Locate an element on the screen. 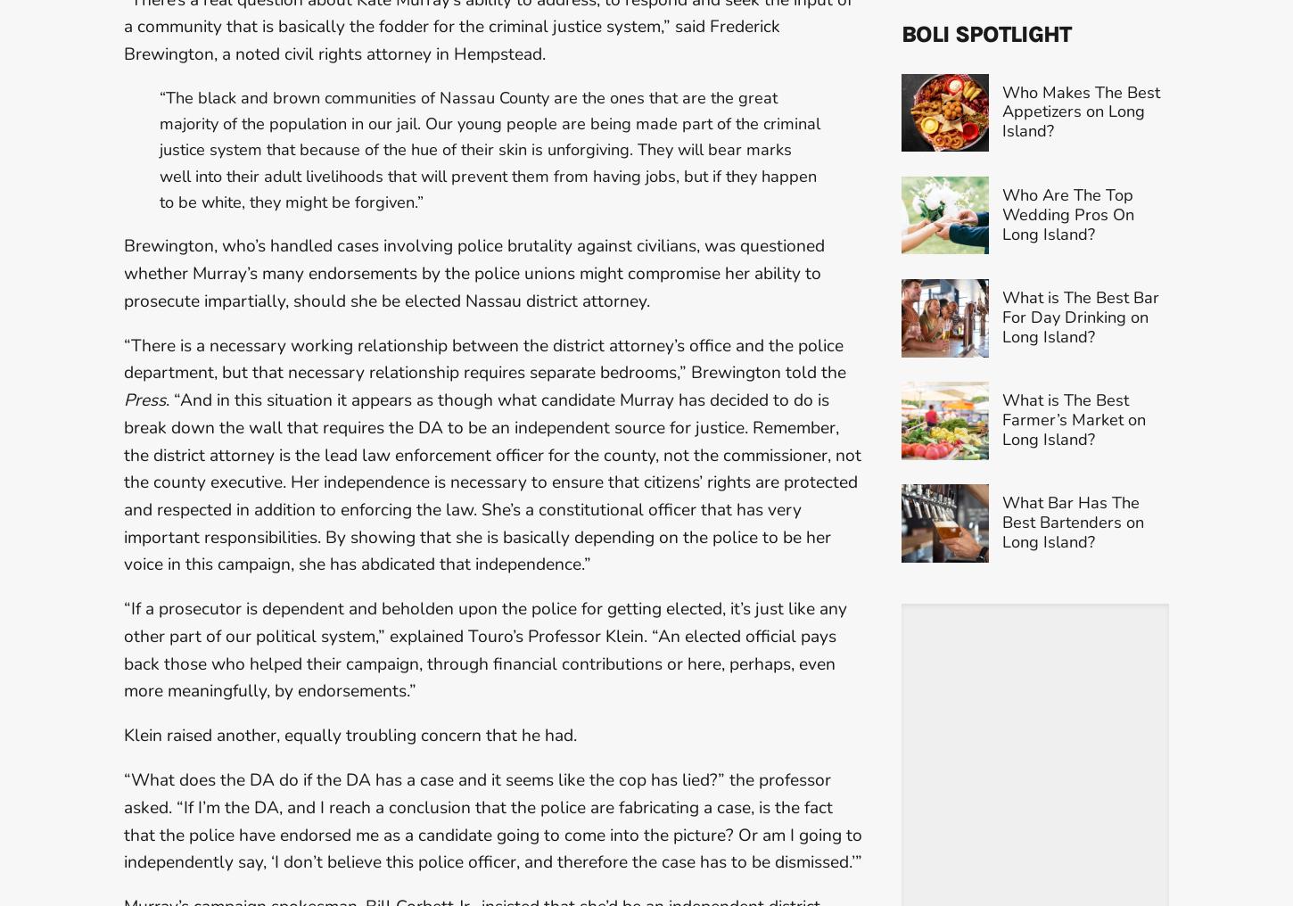  '“If a prosecutor is dependent and beholden upon the police for getting elected, it’s just like any other part of our political system,” explained Touro’s Professor Klein. “An elected official pays back those who helped their campaign, through financial contributions or here, perhaps, even more meaningfully, by endorsements.”' is located at coordinates (485, 649).